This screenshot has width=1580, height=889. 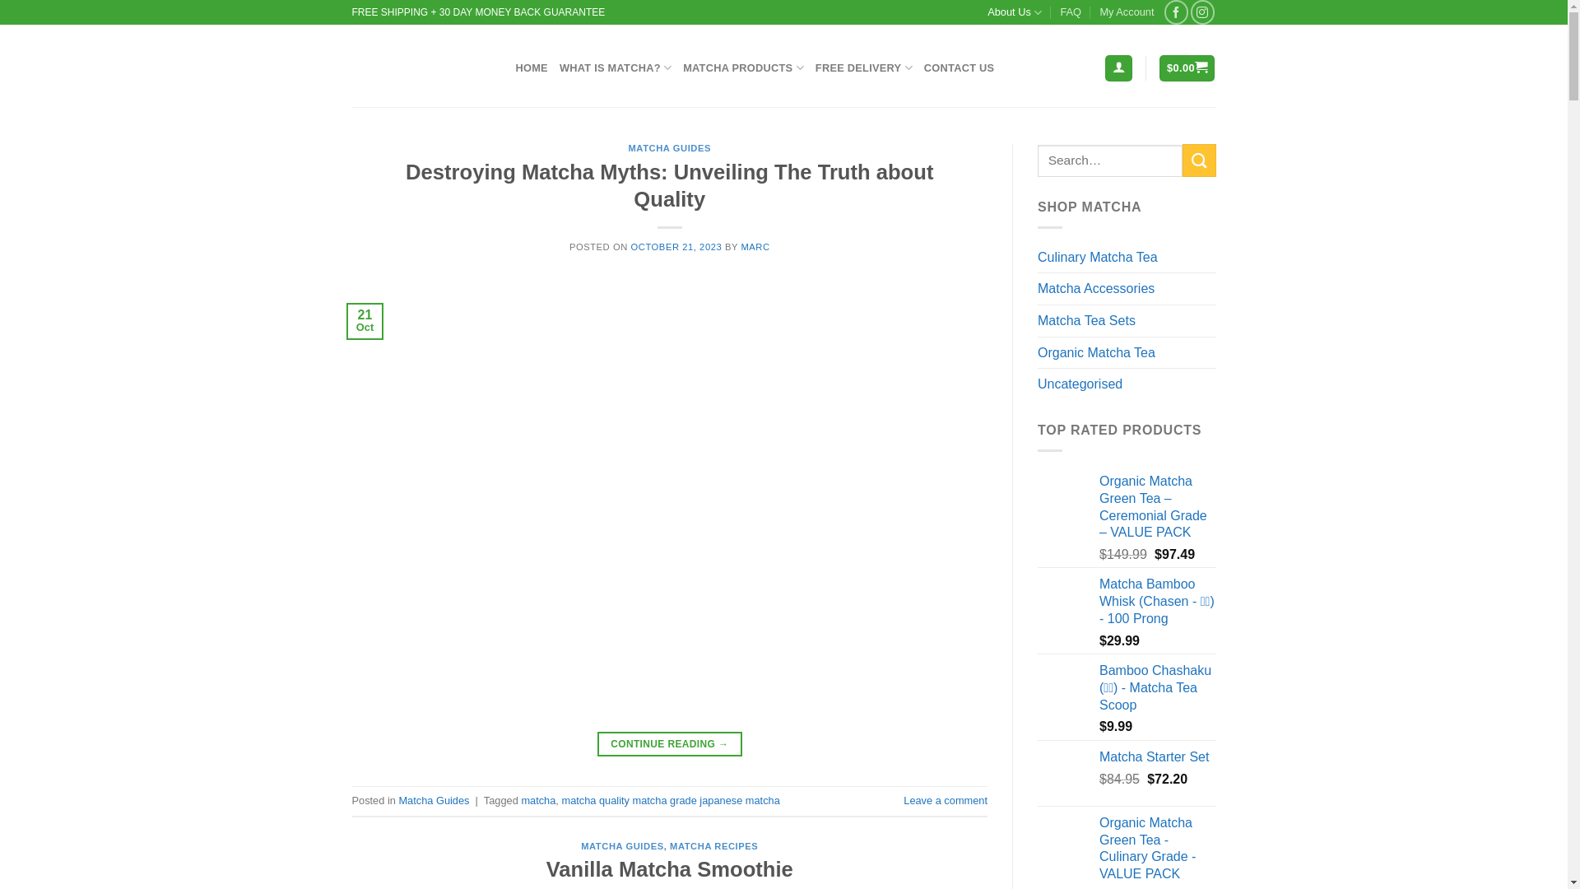 I want to click on 'matcha', so click(x=520, y=799).